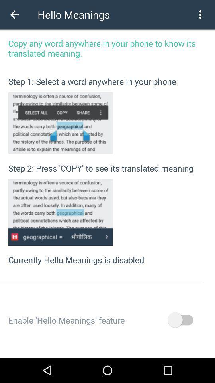 Image resolution: width=215 pixels, height=383 pixels. Describe the element at coordinates (180, 320) in the screenshot. I see `enable hello meanings` at that location.